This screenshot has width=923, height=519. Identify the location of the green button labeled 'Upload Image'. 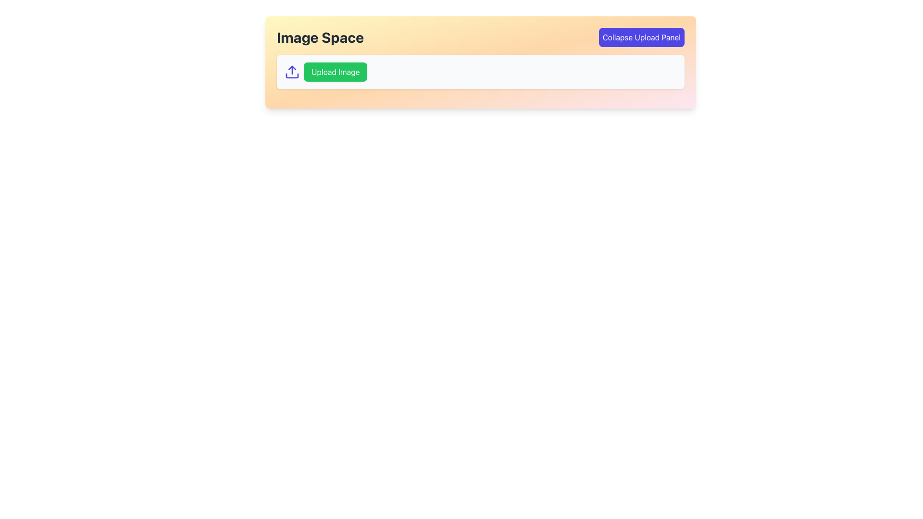
(336, 72).